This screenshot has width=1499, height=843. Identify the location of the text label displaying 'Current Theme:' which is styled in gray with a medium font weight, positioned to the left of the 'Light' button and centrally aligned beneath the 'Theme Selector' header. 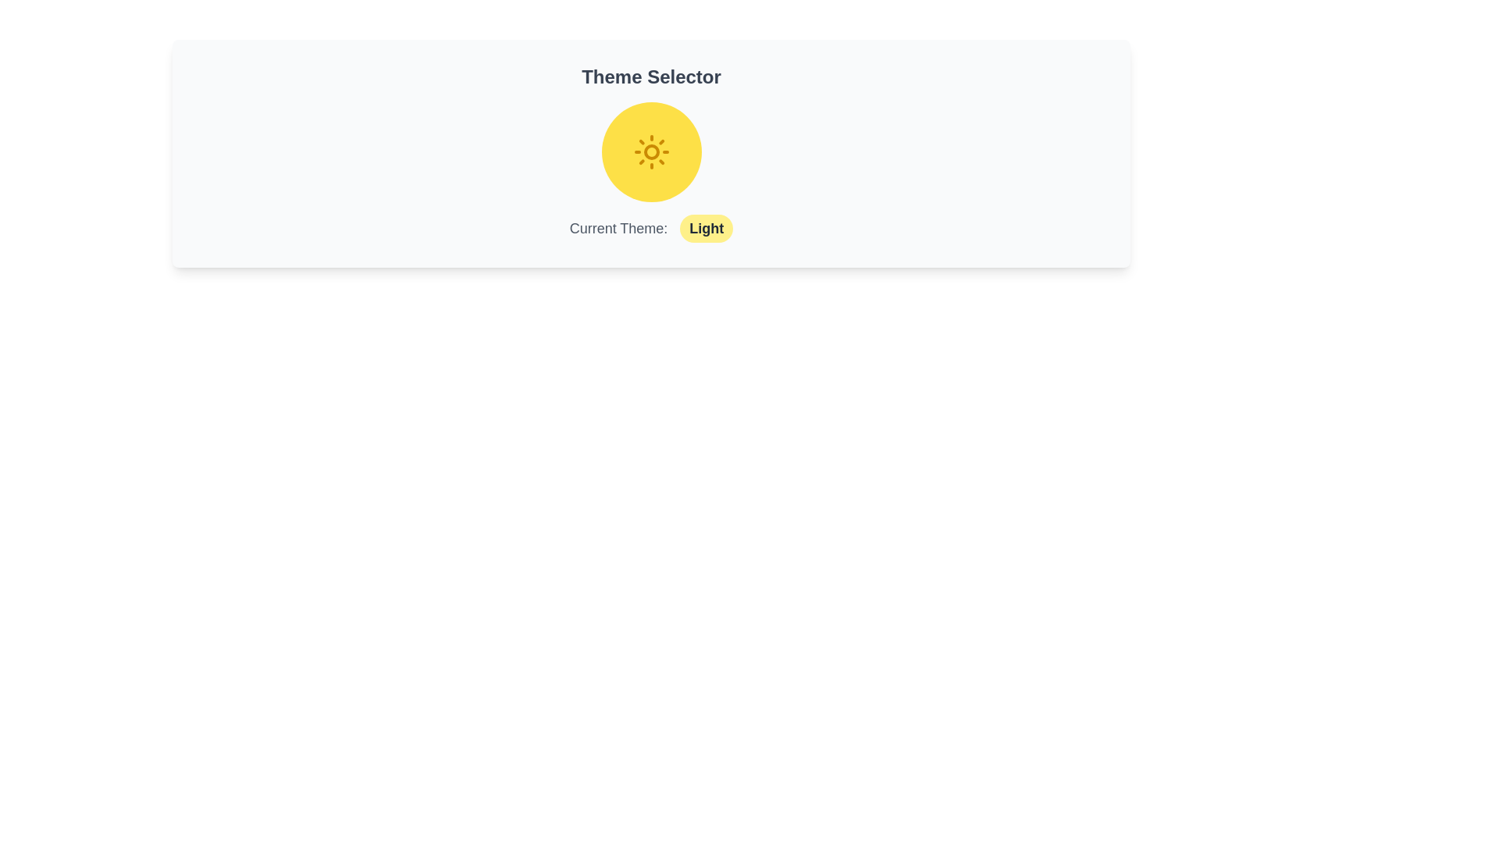
(618, 229).